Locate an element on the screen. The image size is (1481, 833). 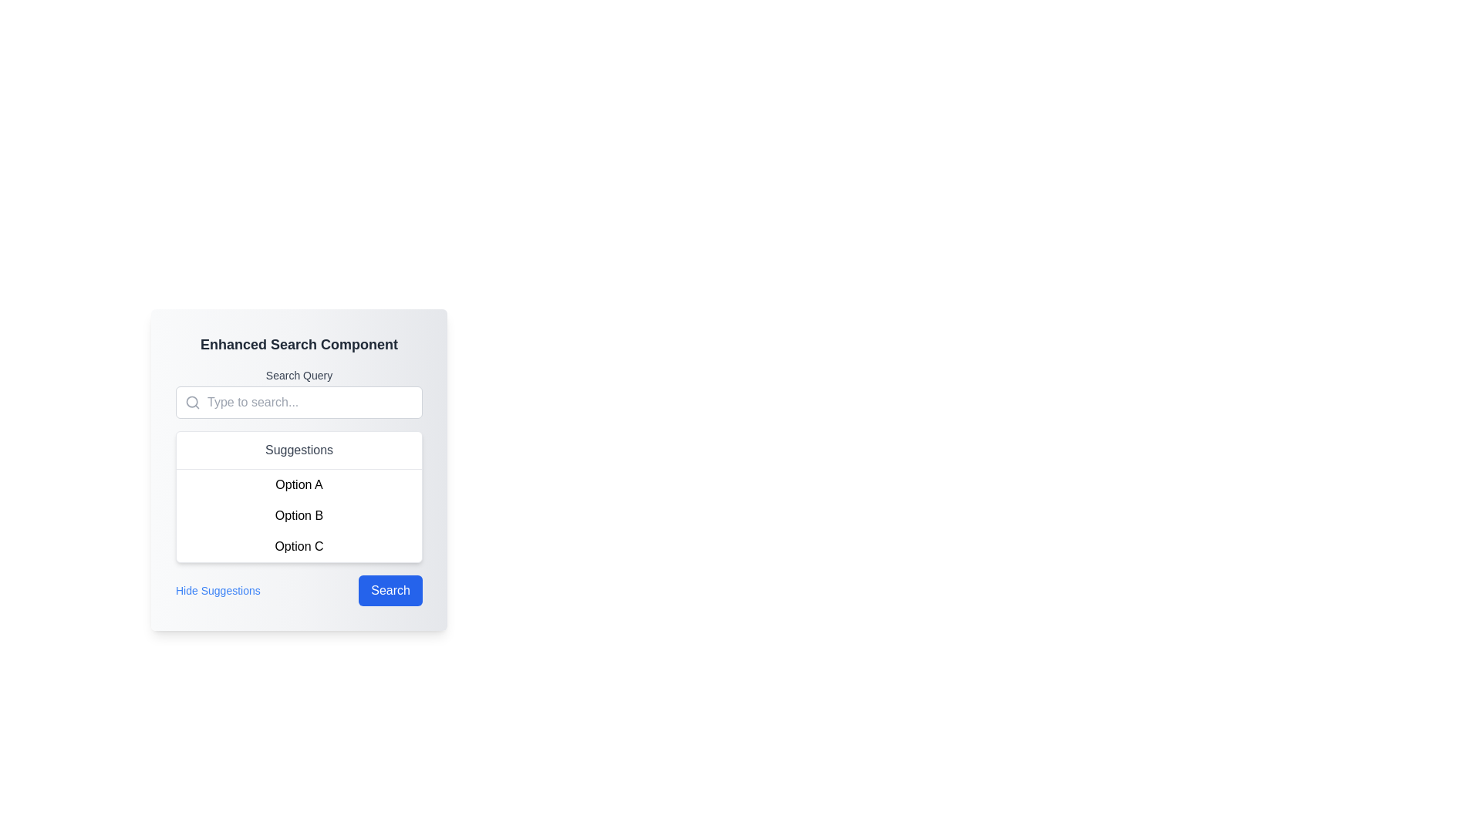
the text label indicating the purpose of the suggestion list, located at the top center of the suggestion box interface is located at coordinates (299, 449).